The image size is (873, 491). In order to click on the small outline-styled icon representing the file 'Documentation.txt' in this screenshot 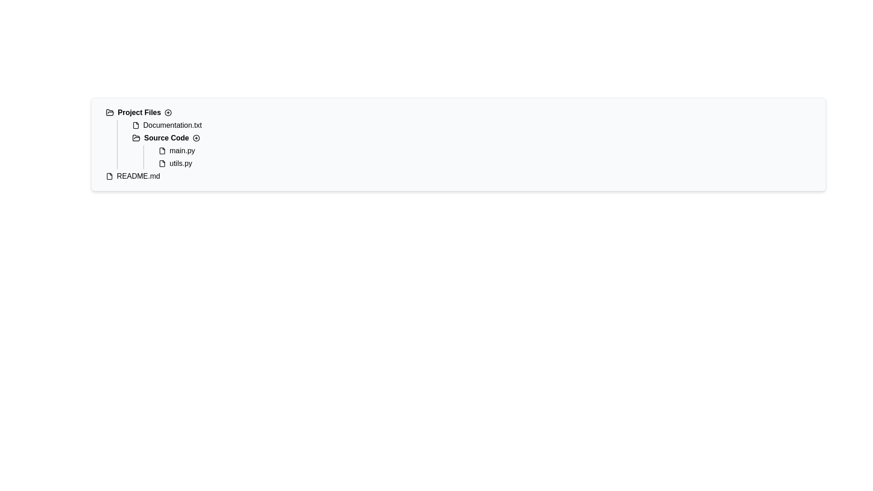, I will do `click(135, 125)`.